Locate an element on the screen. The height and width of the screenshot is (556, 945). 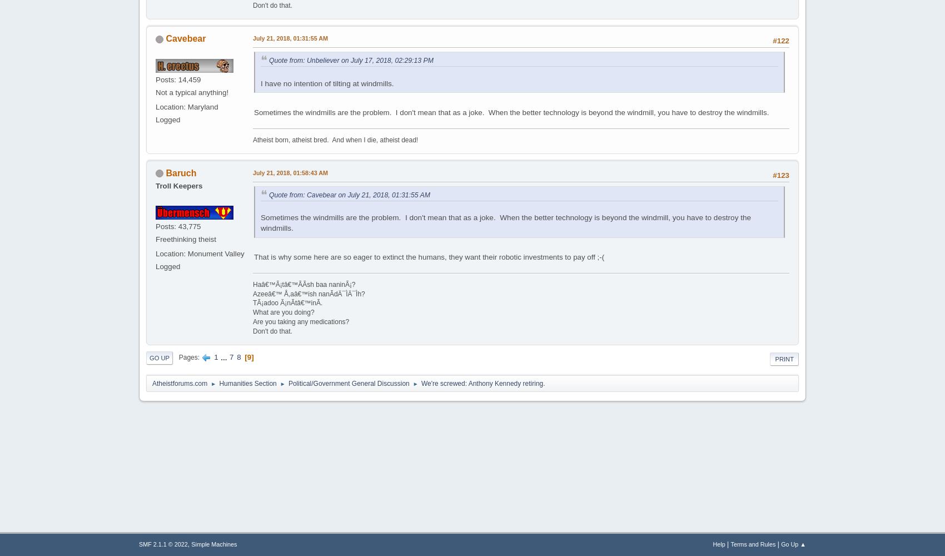
'That is why some here are so eager to extinct the humans, they want their robotic investments to pay off ;-(' is located at coordinates (428, 256).